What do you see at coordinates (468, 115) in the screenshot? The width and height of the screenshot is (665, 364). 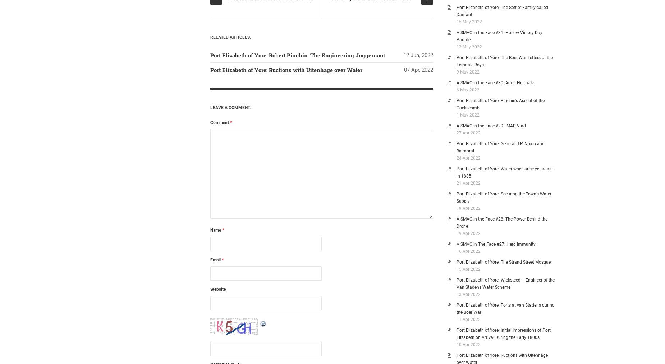 I see `'1 May 2022'` at bounding box center [468, 115].